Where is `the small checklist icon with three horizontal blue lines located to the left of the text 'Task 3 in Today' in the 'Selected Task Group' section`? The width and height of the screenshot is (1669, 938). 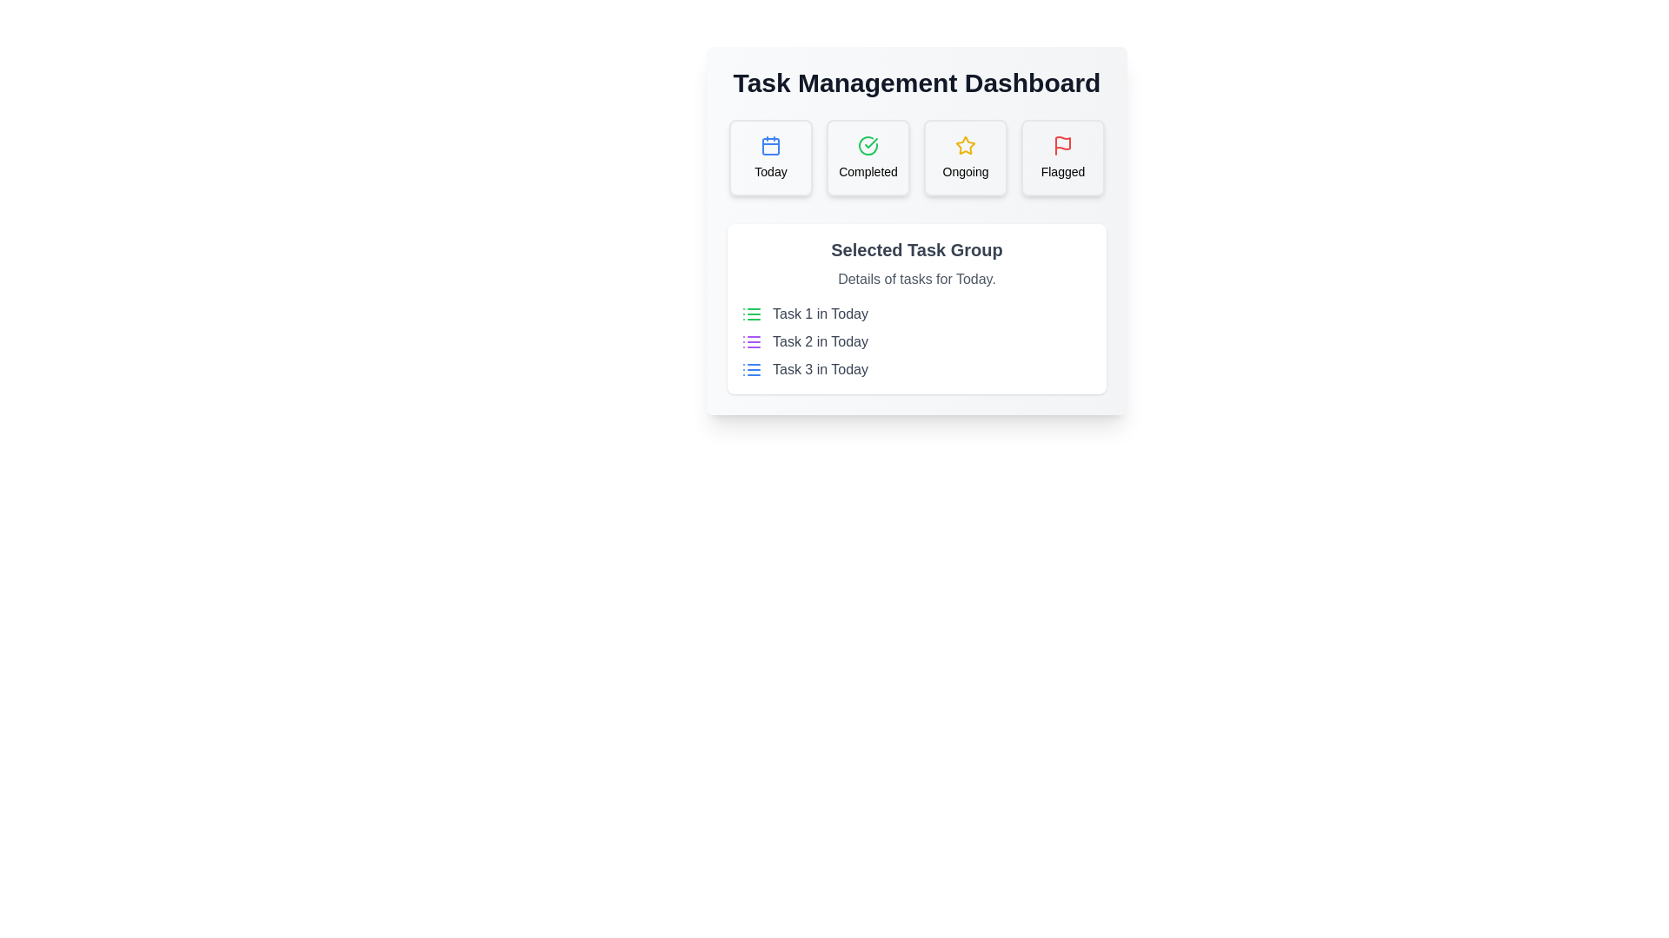 the small checklist icon with three horizontal blue lines located to the left of the text 'Task 3 in Today' in the 'Selected Task Group' section is located at coordinates (751, 368).